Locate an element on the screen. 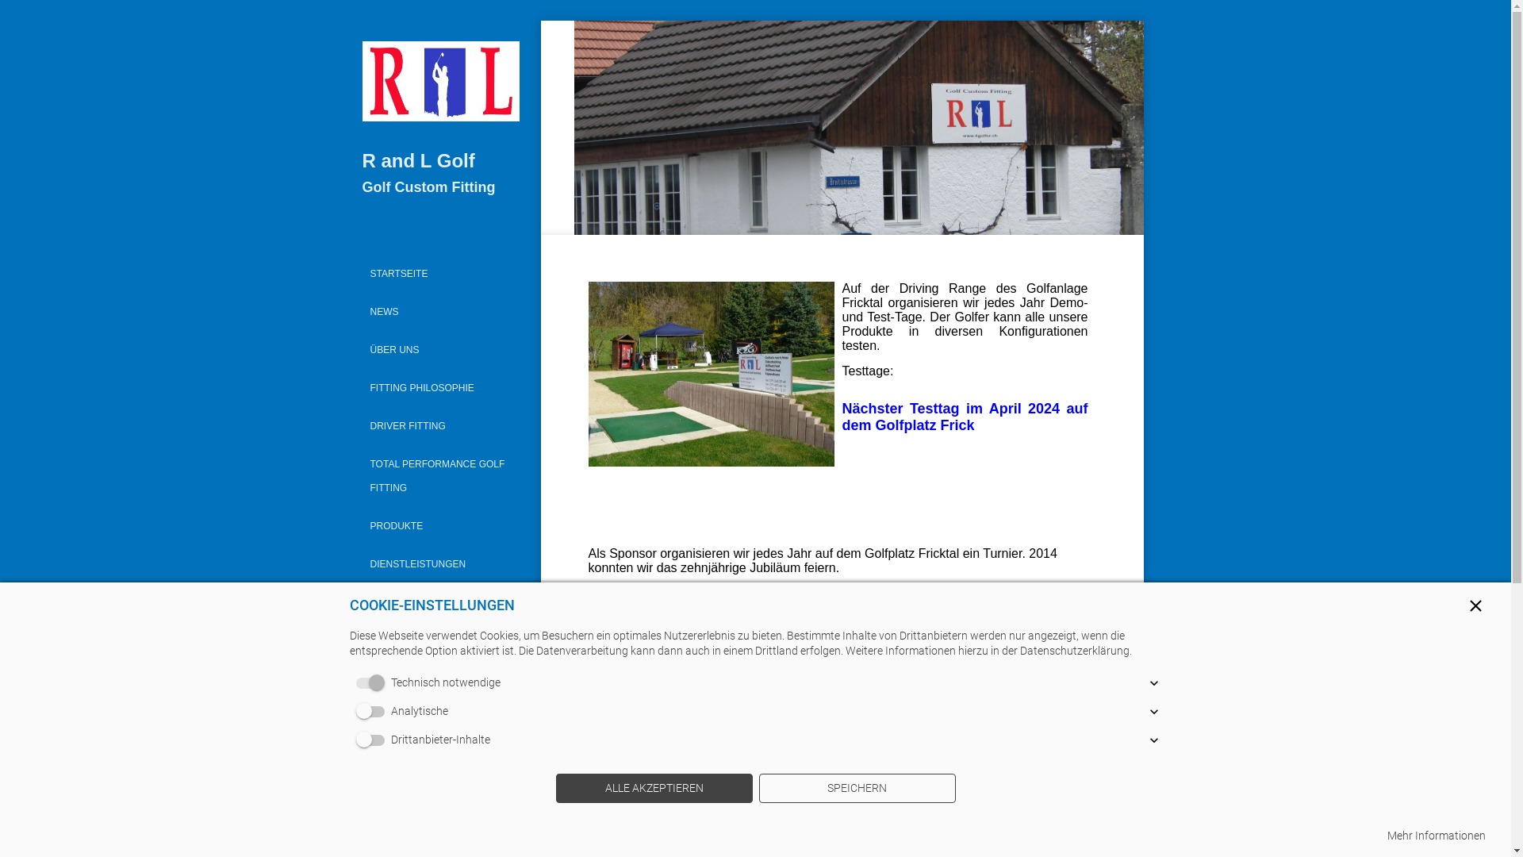 This screenshot has width=1523, height=857. 'ALLE AKZEPTIEREN' is located at coordinates (555, 789).